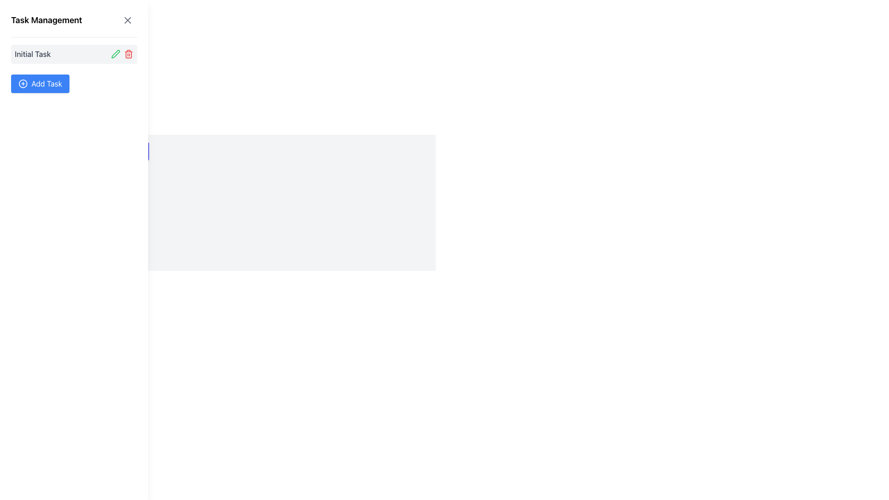 The height and width of the screenshot is (500, 889). I want to click on the button located beneath 'Initial Task' in the task management panel to initiate adding a new task, so click(39, 84).